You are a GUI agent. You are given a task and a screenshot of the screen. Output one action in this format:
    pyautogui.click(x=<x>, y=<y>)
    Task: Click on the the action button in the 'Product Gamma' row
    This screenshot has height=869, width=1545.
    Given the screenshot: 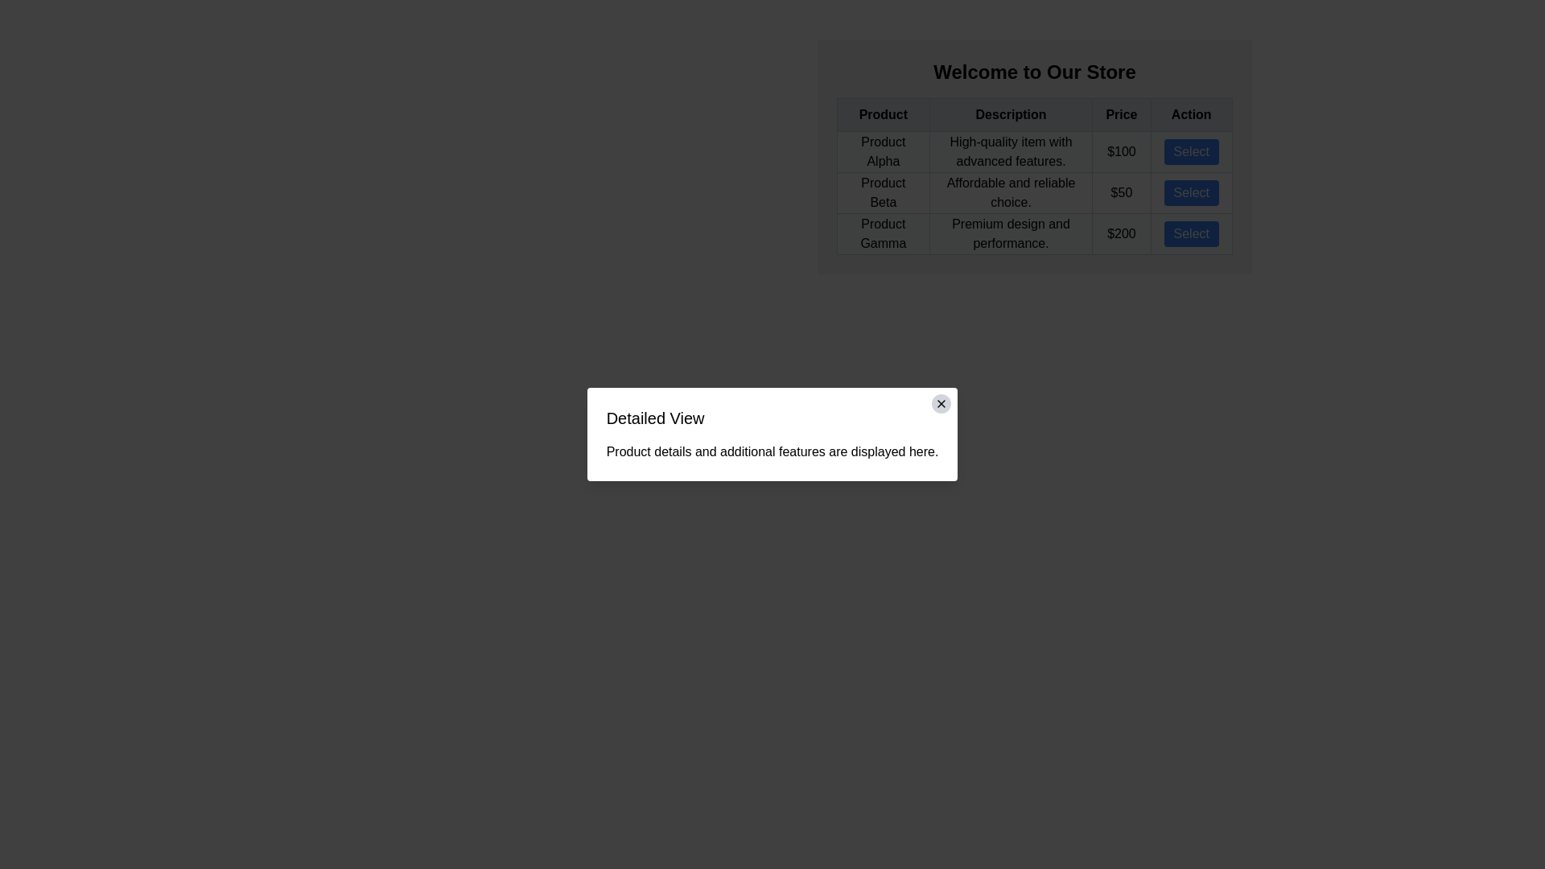 What is the action you would take?
    pyautogui.click(x=1191, y=233)
    